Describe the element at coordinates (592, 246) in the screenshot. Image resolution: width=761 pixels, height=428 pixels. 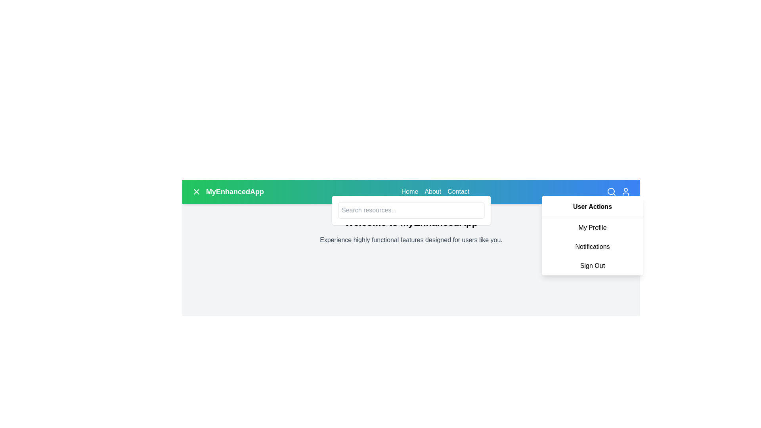
I see `the 'Notifications' text-based navigation item in the drop-down menu under 'User Actions' to change its background color to light gray` at that location.